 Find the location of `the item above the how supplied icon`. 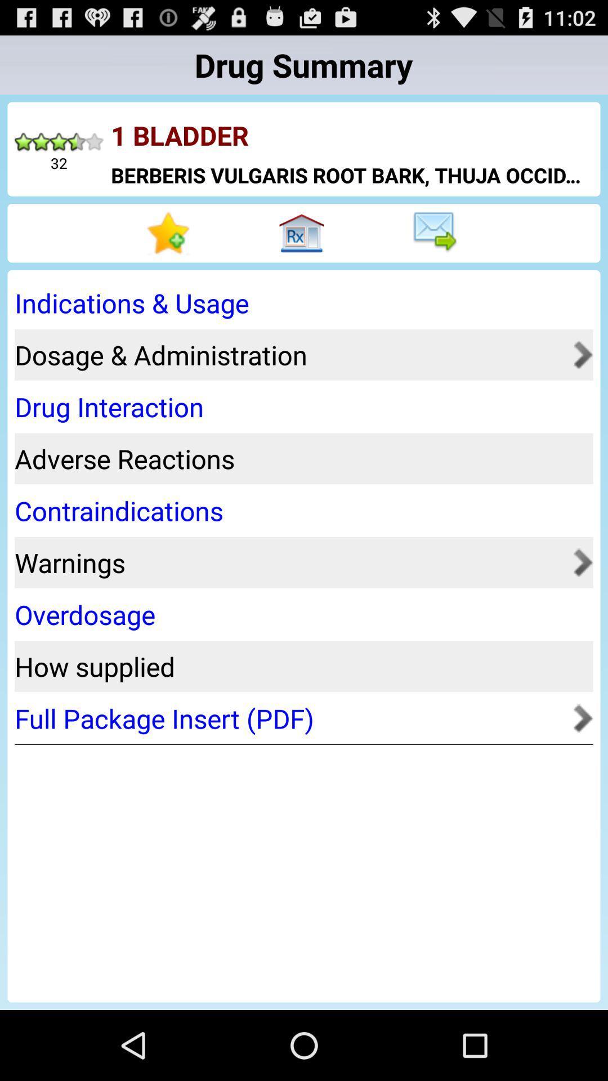

the item above the how supplied icon is located at coordinates (299, 614).